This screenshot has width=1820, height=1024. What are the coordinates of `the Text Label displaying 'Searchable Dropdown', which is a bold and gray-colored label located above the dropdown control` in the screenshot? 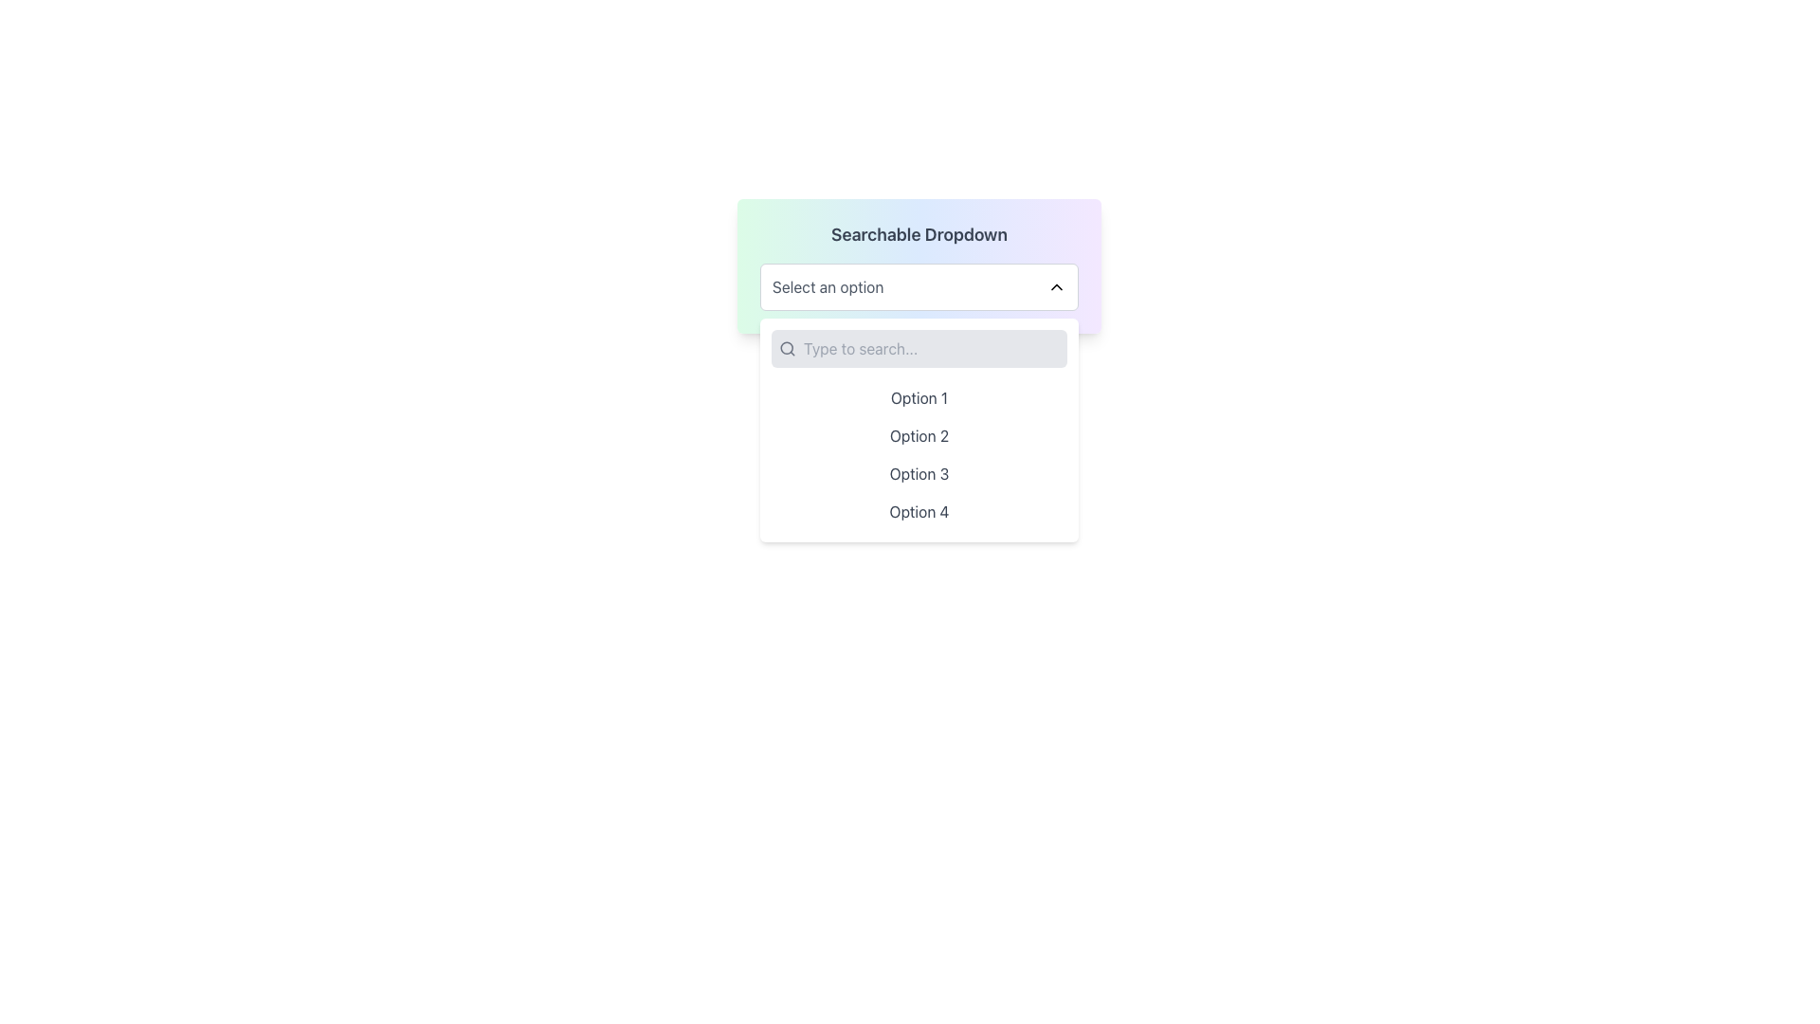 It's located at (919, 233).